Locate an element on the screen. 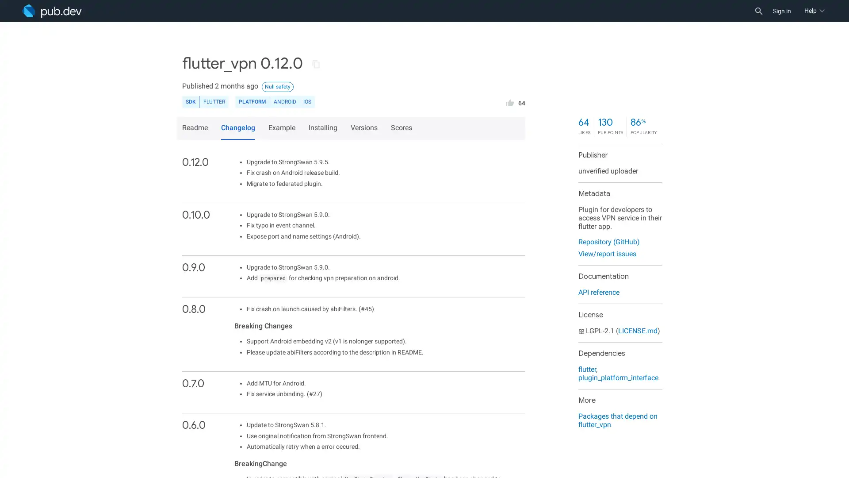 Image resolution: width=849 pixels, height=478 pixels. Installing is located at coordinates (324, 128).